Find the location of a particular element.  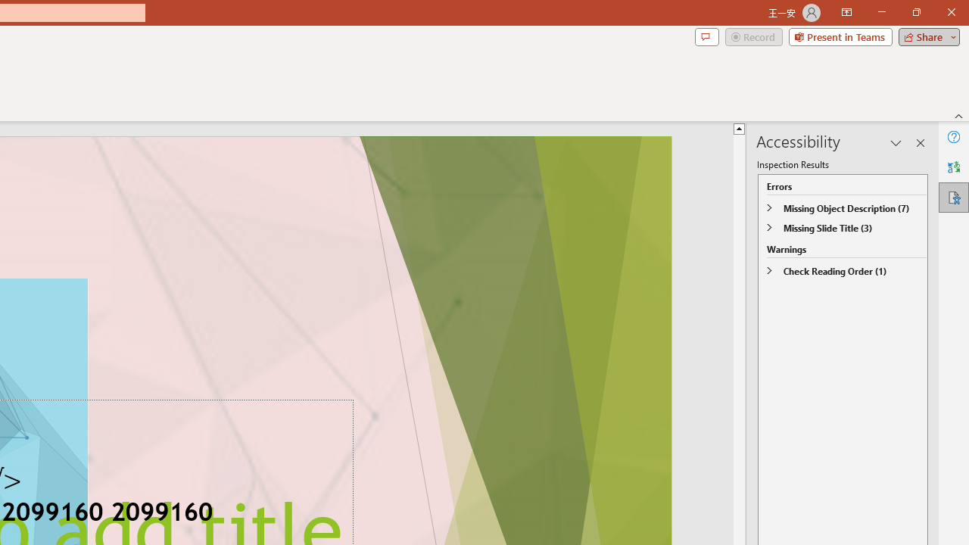

'Present in Teams' is located at coordinates (840, 36).